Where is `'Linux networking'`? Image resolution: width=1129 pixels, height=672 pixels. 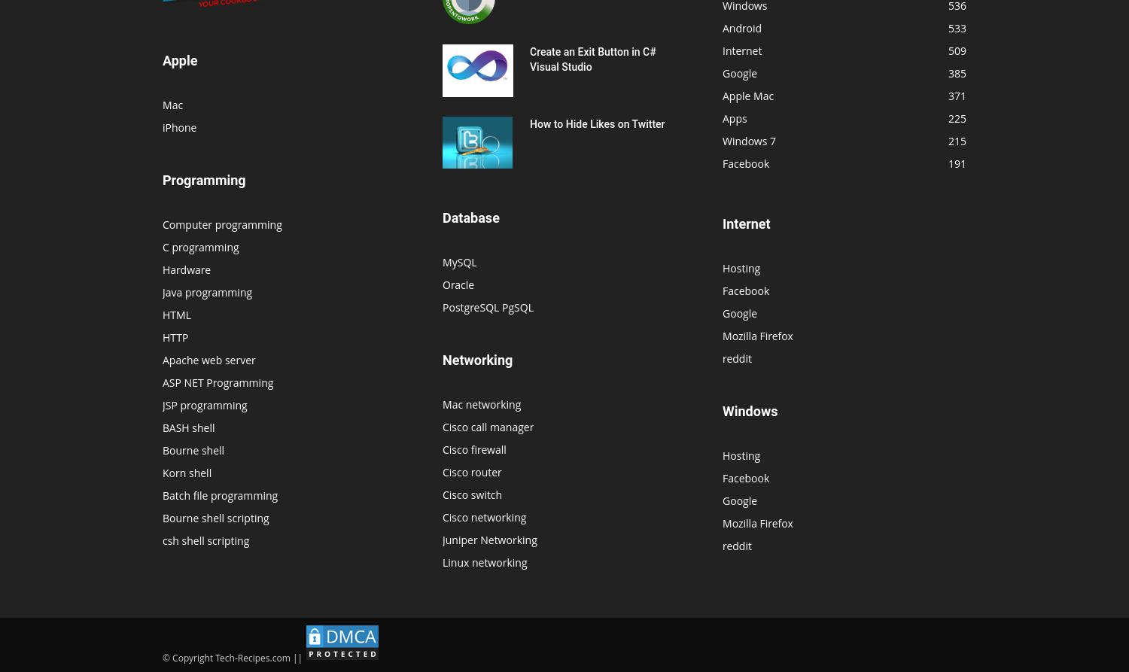
'Linux networking' is located at coordinates (484, 561).